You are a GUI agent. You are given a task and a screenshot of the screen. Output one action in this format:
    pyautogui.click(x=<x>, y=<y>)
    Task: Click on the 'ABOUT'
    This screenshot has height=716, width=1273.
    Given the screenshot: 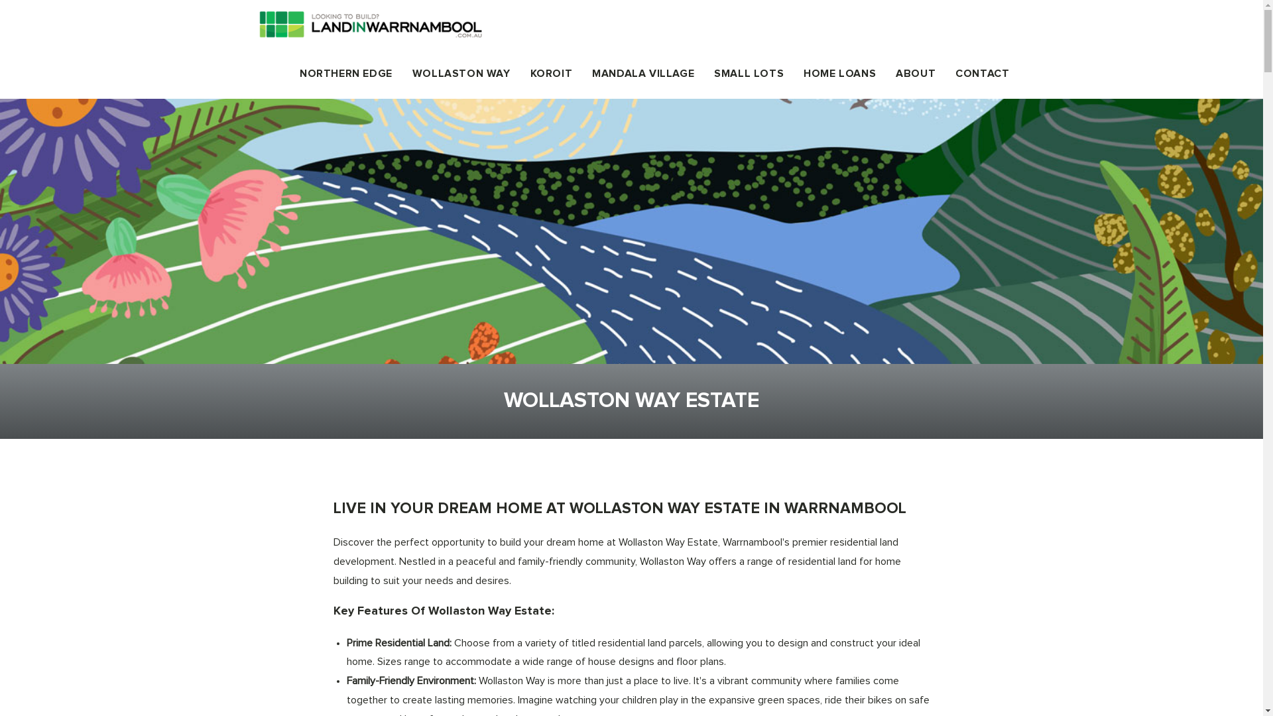 What is the action you would take?
    pyautogui.click(x=915, y=74)
    